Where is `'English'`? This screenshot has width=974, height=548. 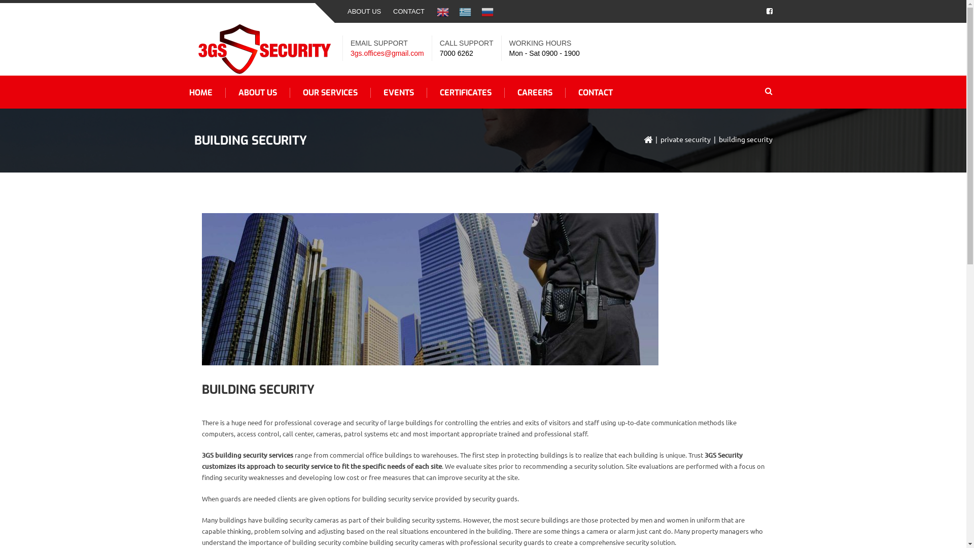 'English' is located at coordinates (443, 12).